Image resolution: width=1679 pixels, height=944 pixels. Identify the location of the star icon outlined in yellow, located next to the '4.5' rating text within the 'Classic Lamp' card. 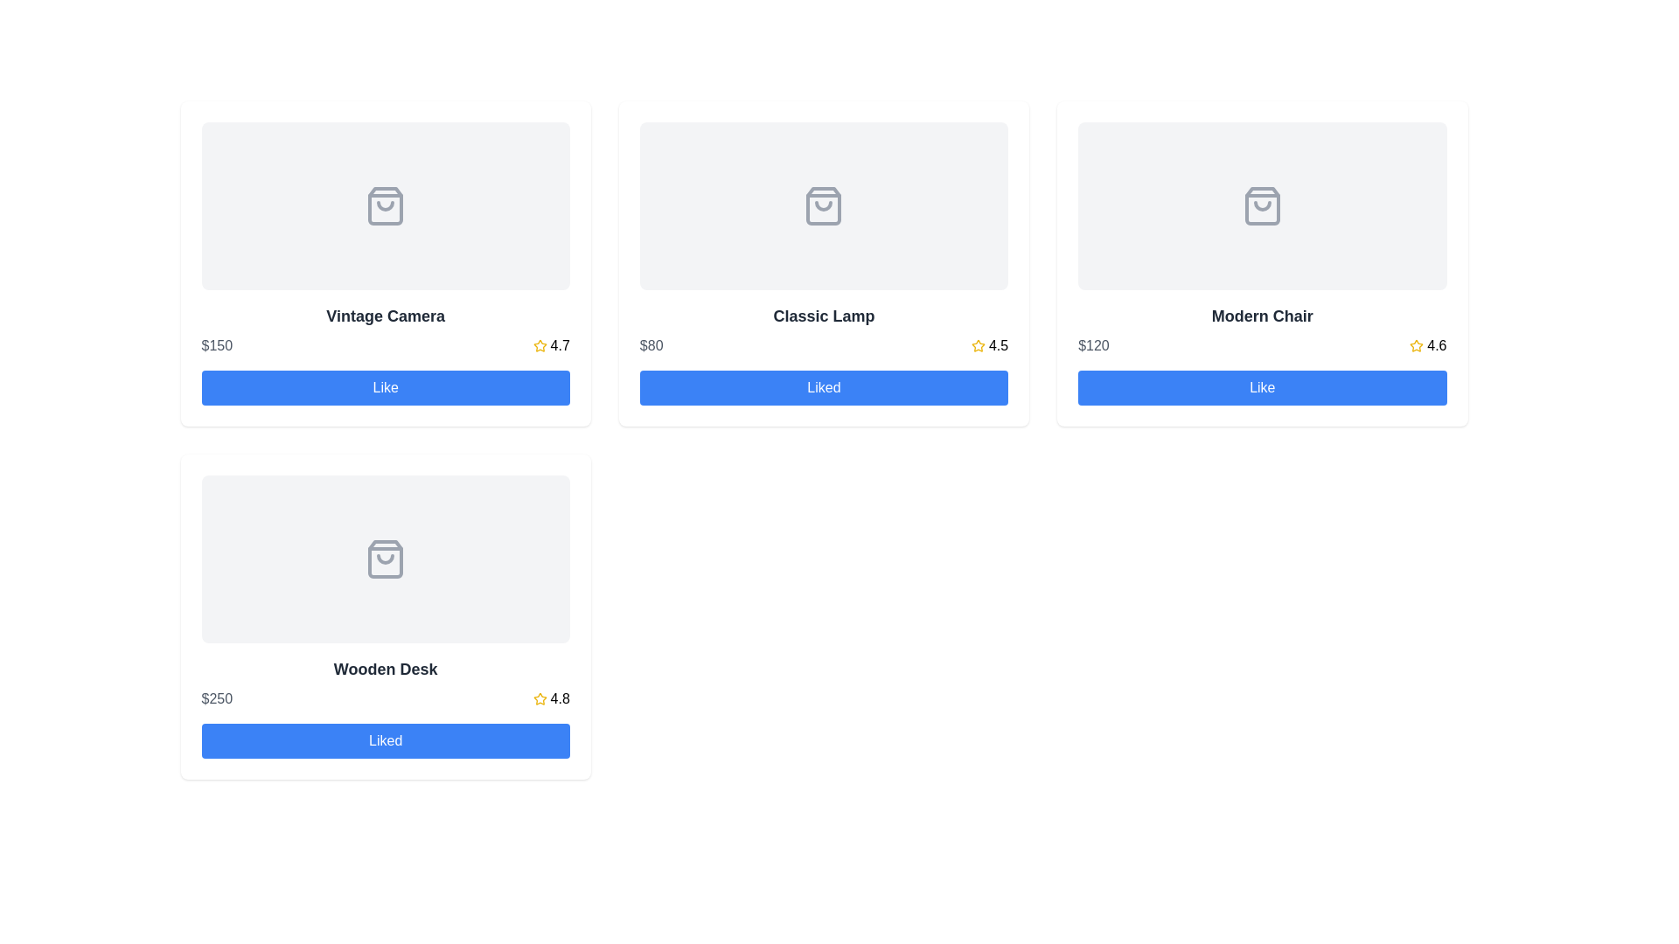
(977, 346).